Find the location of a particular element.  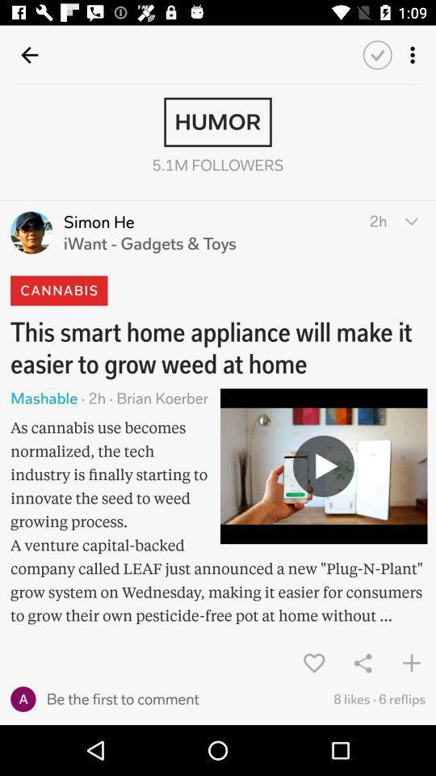

the play icon is located at coordinates (324, 466).